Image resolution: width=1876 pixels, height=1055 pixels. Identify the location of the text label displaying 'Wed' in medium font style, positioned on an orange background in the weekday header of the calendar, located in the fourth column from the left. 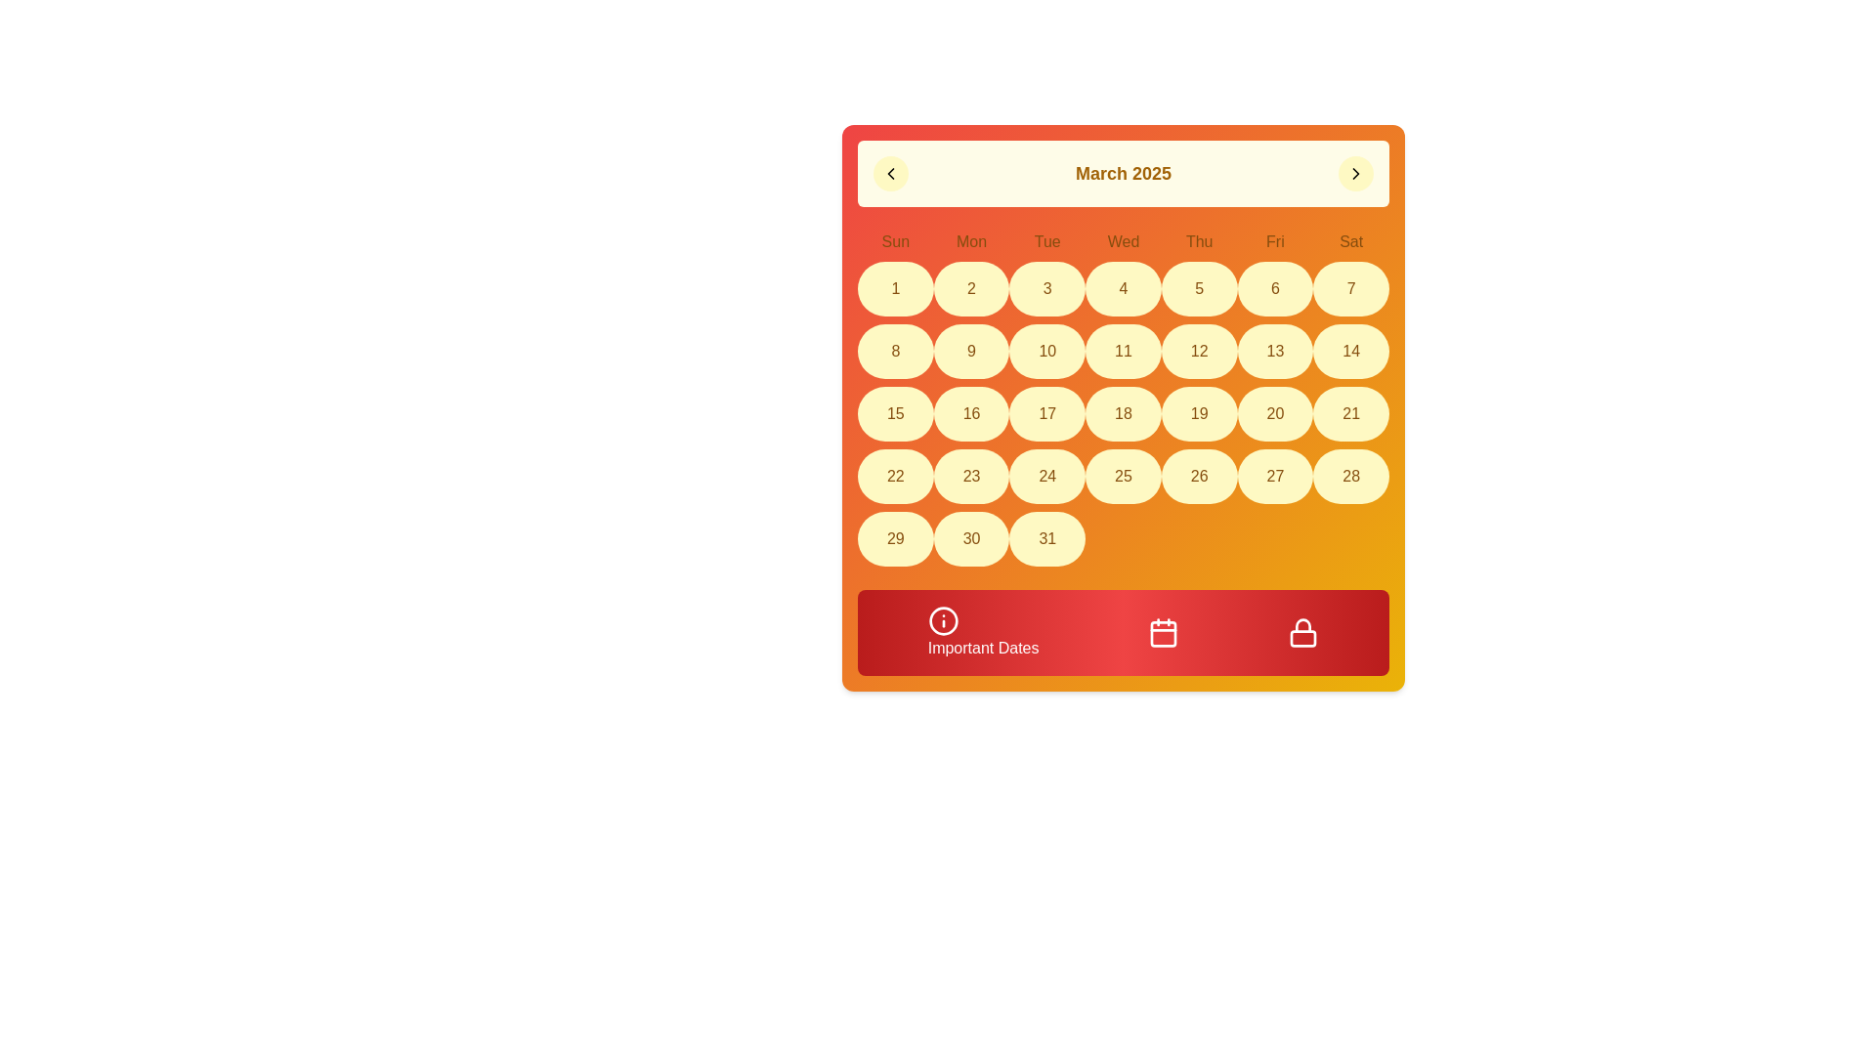
(1124, 240).